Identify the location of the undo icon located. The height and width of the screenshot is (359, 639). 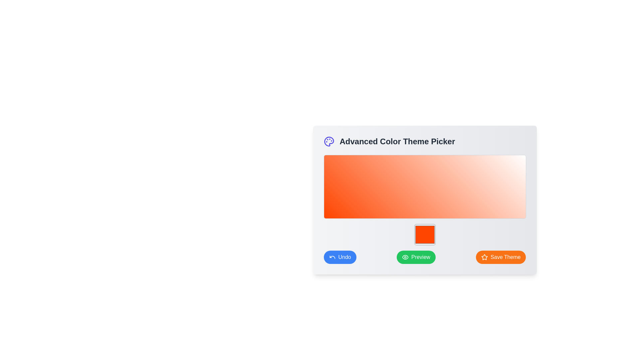
(332, 257).